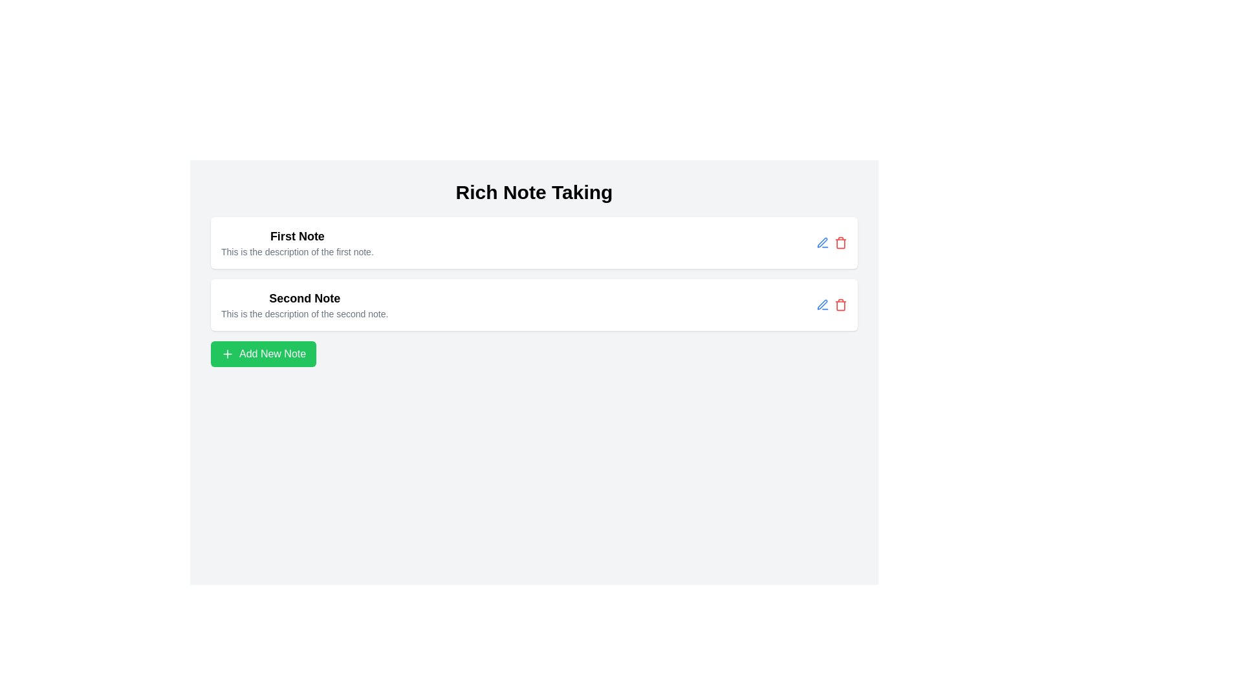 The width and height of the screenshot is (1242, 698). Describe the element at coordinates (296, 242) in the screenshot. I see `the Text block that contains two lines of text, with the first line being bold and reading 'First Note' and the second line smaller and grayer, which describes the first note` at that location.